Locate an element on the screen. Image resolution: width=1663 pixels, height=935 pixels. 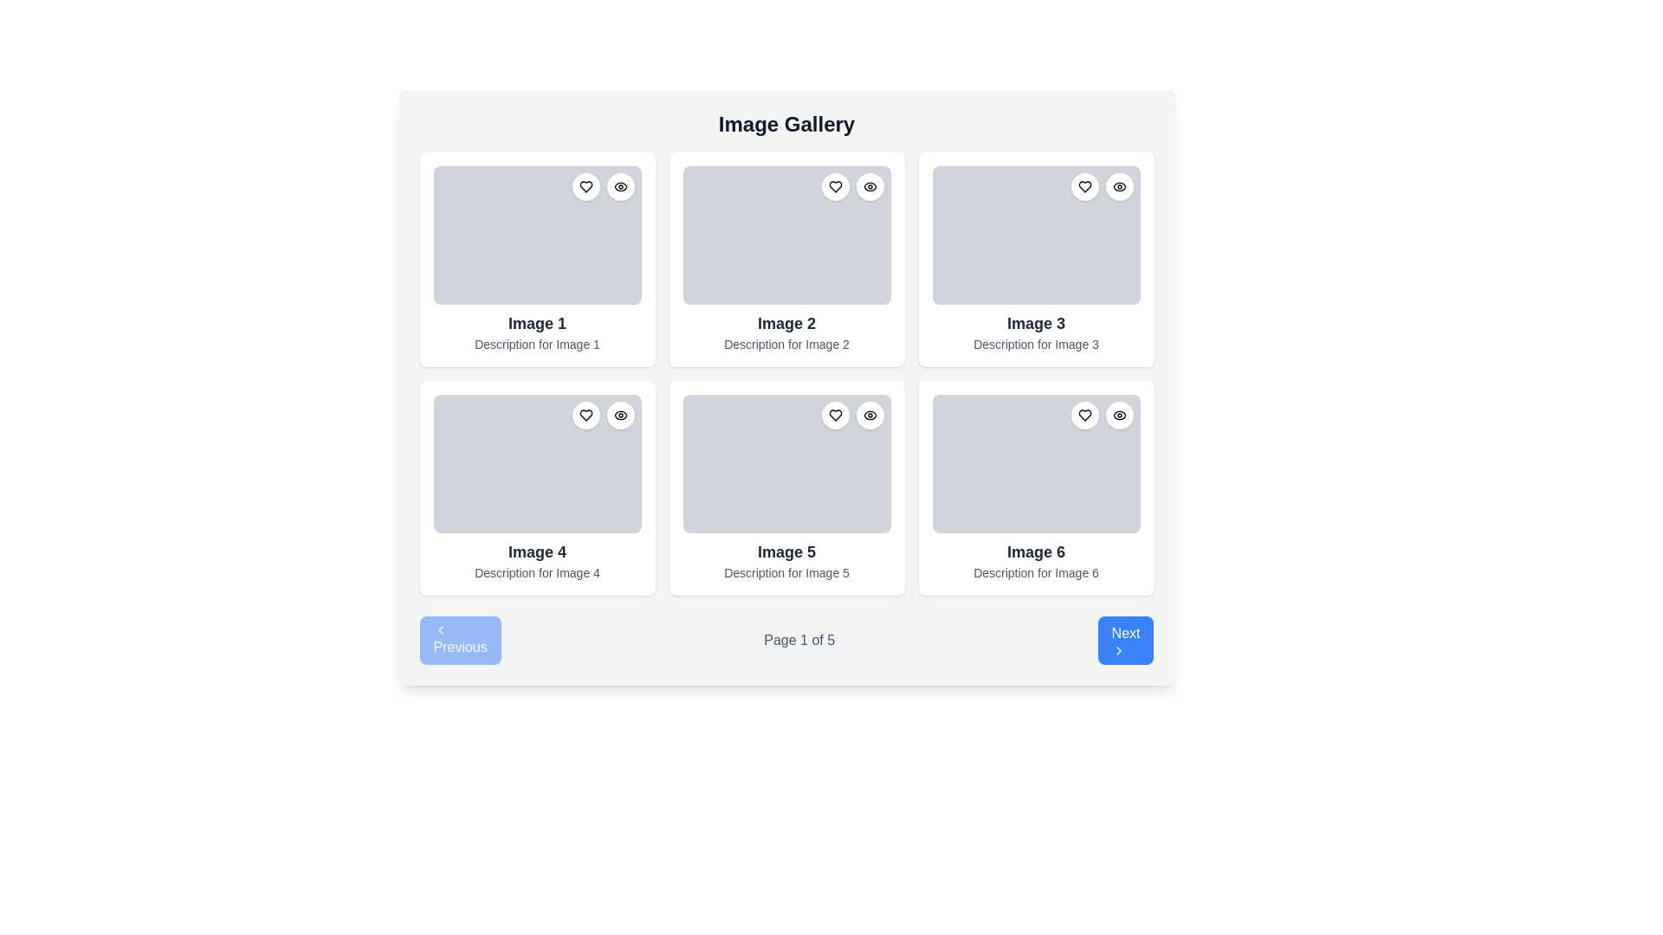
the 'like' icon located at the top-right corner of the circular button for 'Image 4' in the gallery to mark the image as a favorite is located at coordinates (586, 415).